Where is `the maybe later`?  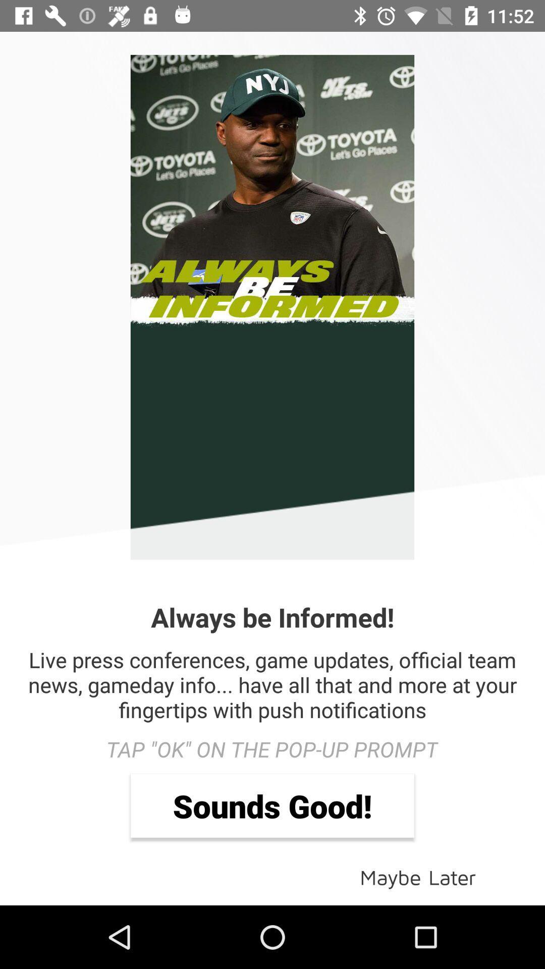
the maybe later is located at coordinates (418, 876).